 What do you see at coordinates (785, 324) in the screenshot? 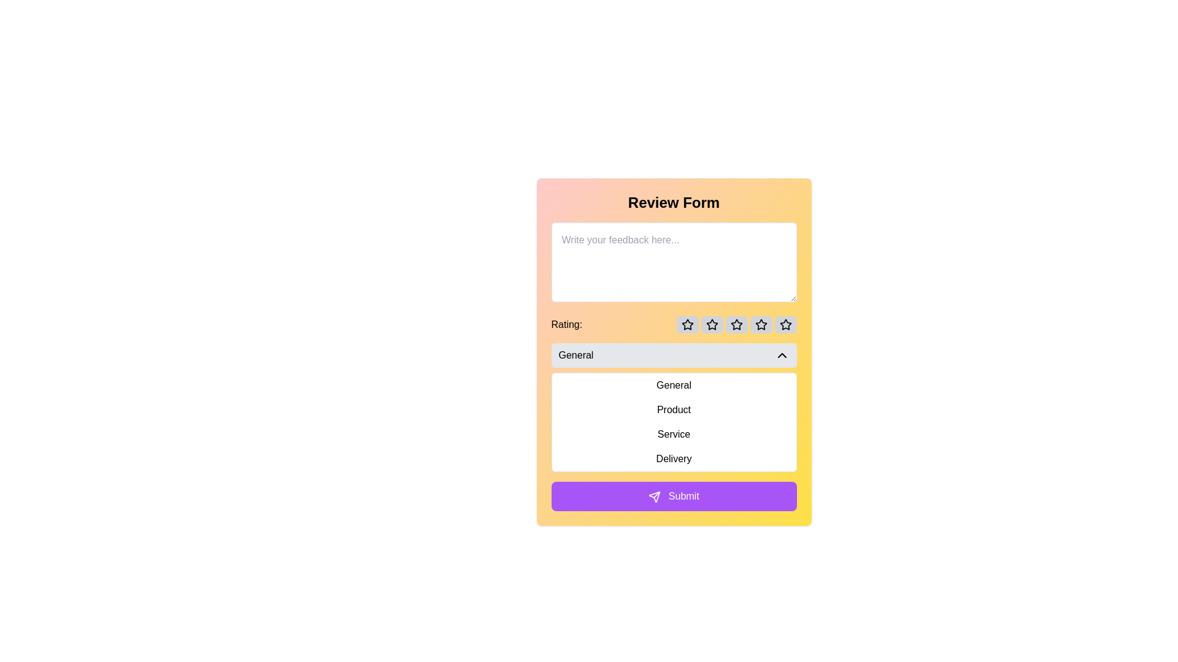
I see `the fifth star icon in the rating section` at bounding box center [785, 324].